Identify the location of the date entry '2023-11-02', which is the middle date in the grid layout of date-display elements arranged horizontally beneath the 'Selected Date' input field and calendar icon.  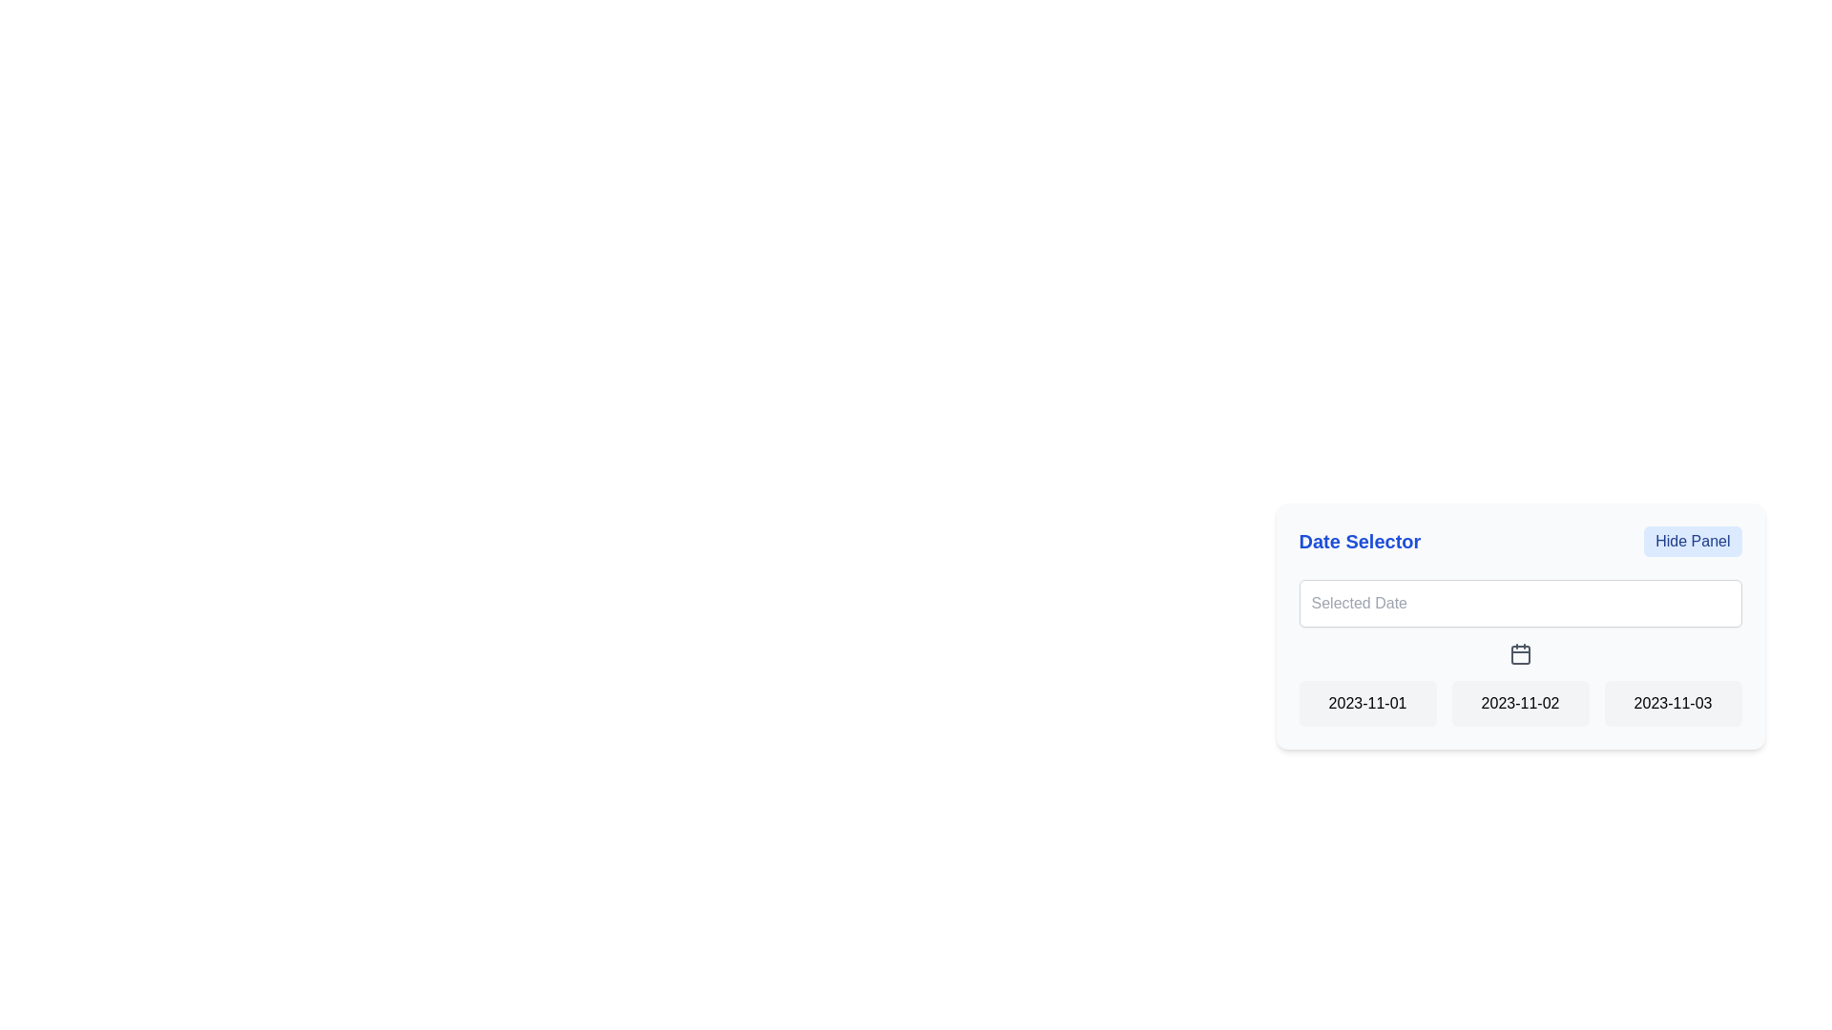
(1519, 703).